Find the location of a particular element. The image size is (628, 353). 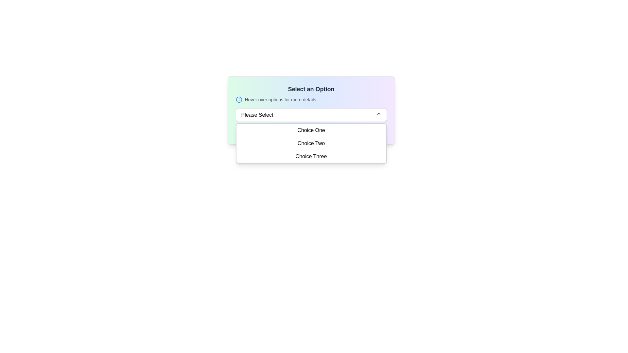

the icon that indicates the collapsing or hiding of the dropdown menu next to the 'Please Select' button is located at coordinates (378, 113).